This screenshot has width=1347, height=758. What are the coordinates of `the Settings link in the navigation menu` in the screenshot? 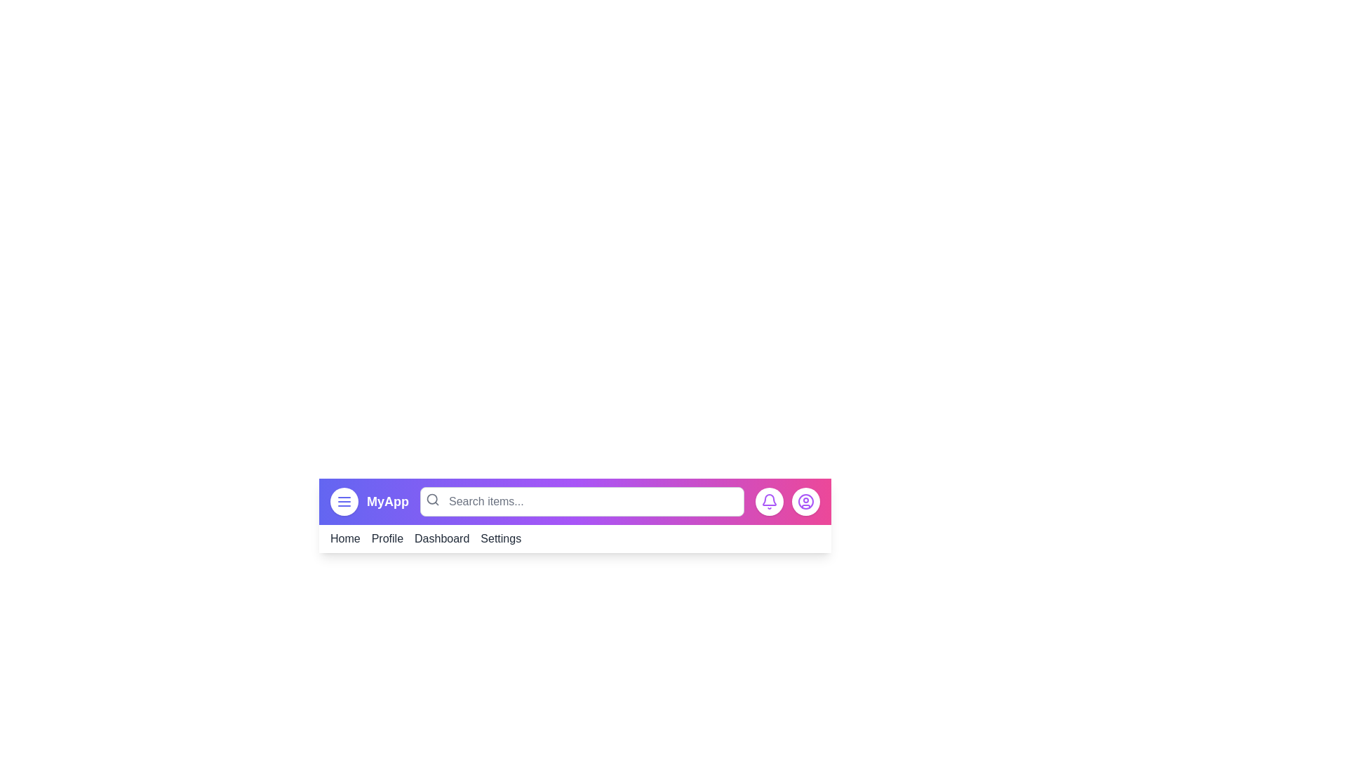 It's located at (501, 538).